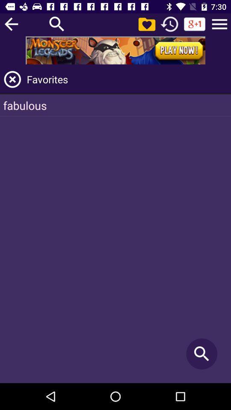 This screenshot has width=231, height=410. I want to click on the page, so click(12, 79).